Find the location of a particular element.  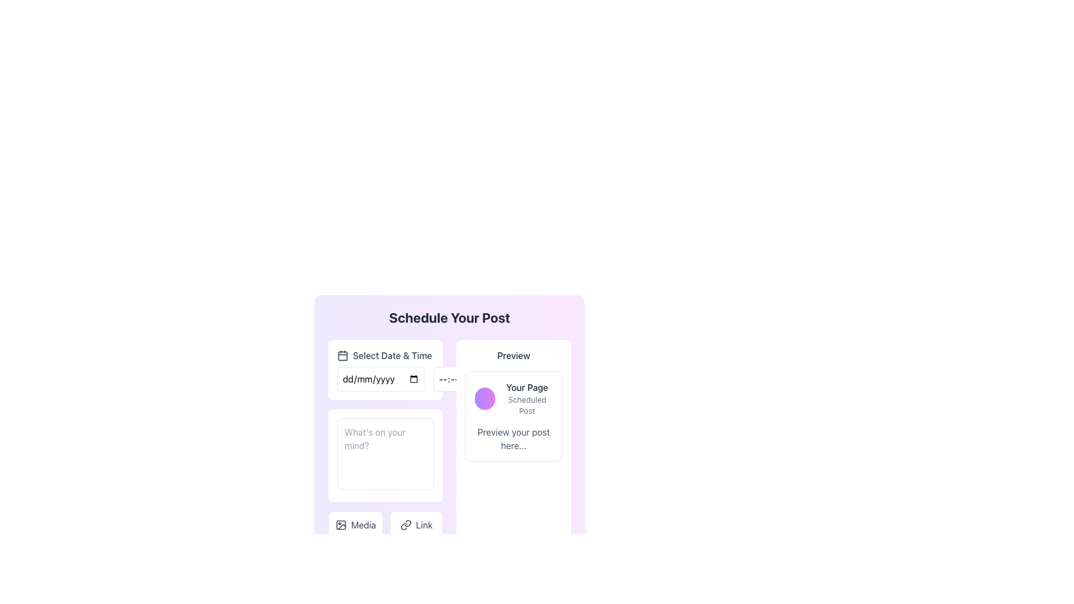

the title/header text block for the post preview indicating 'Your Page' and 'Scheduled Post' located in the upper-right corner of the 'Preview' section is located at coordinates (513, 398).